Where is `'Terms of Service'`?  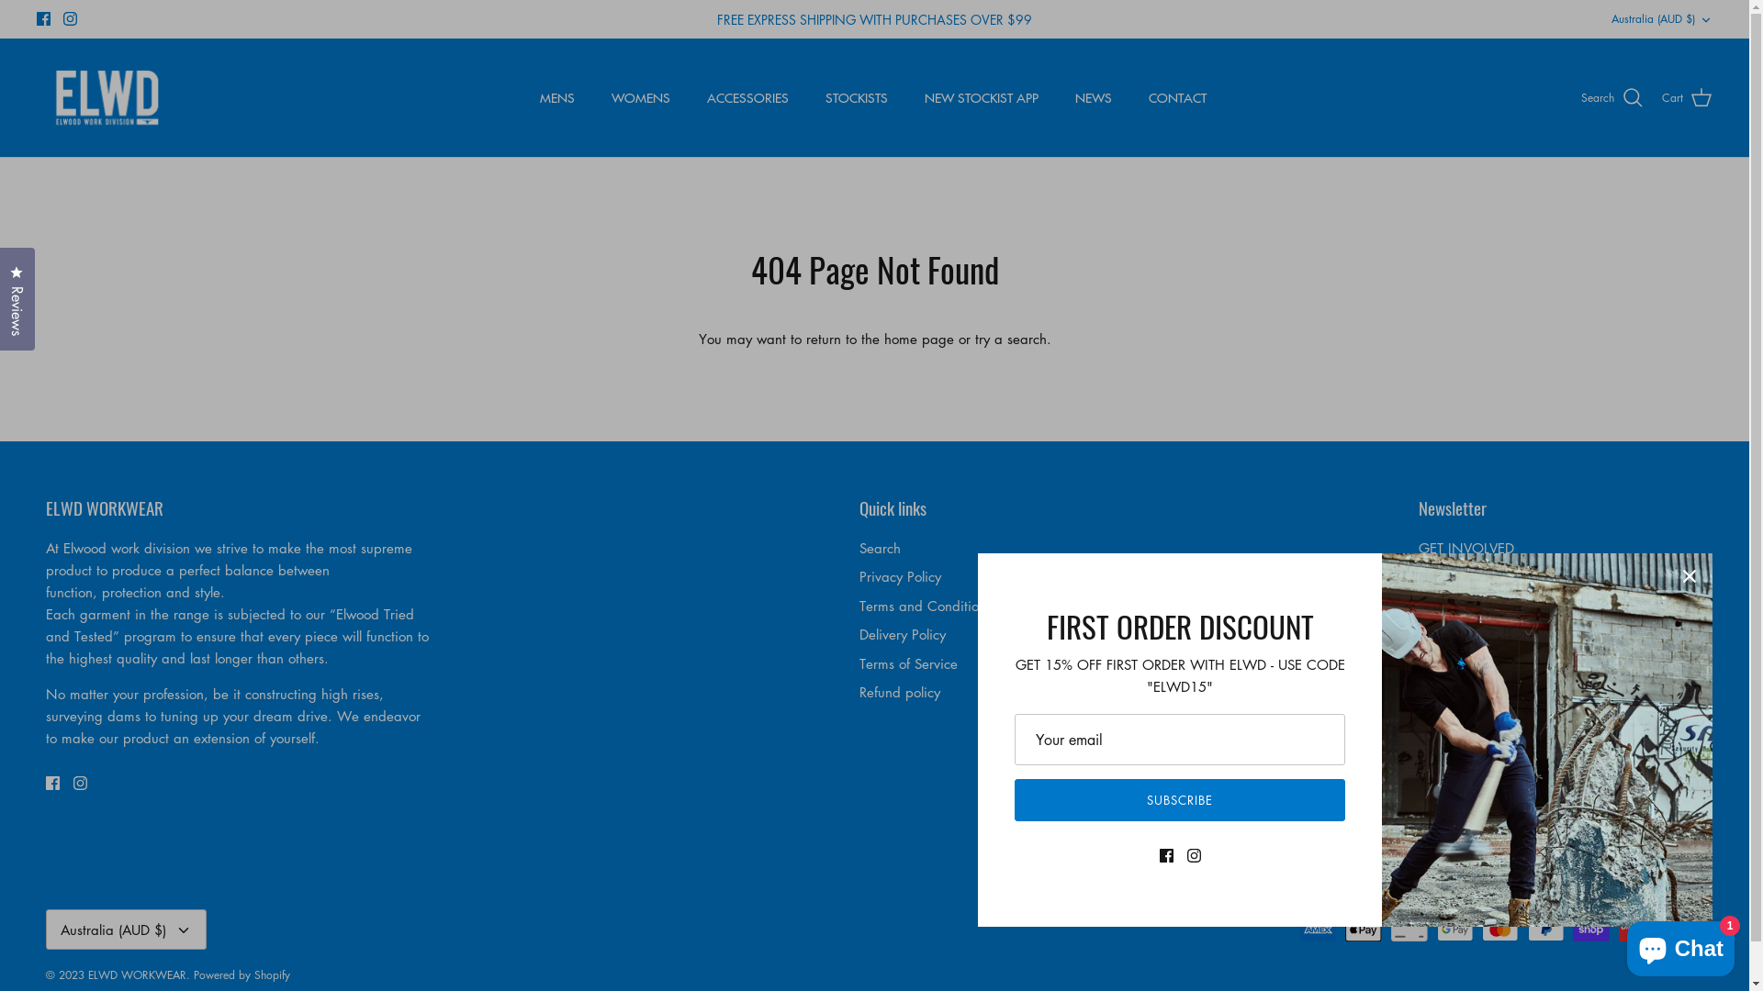
'Terms of Service' is located at coordinates (908, 663).